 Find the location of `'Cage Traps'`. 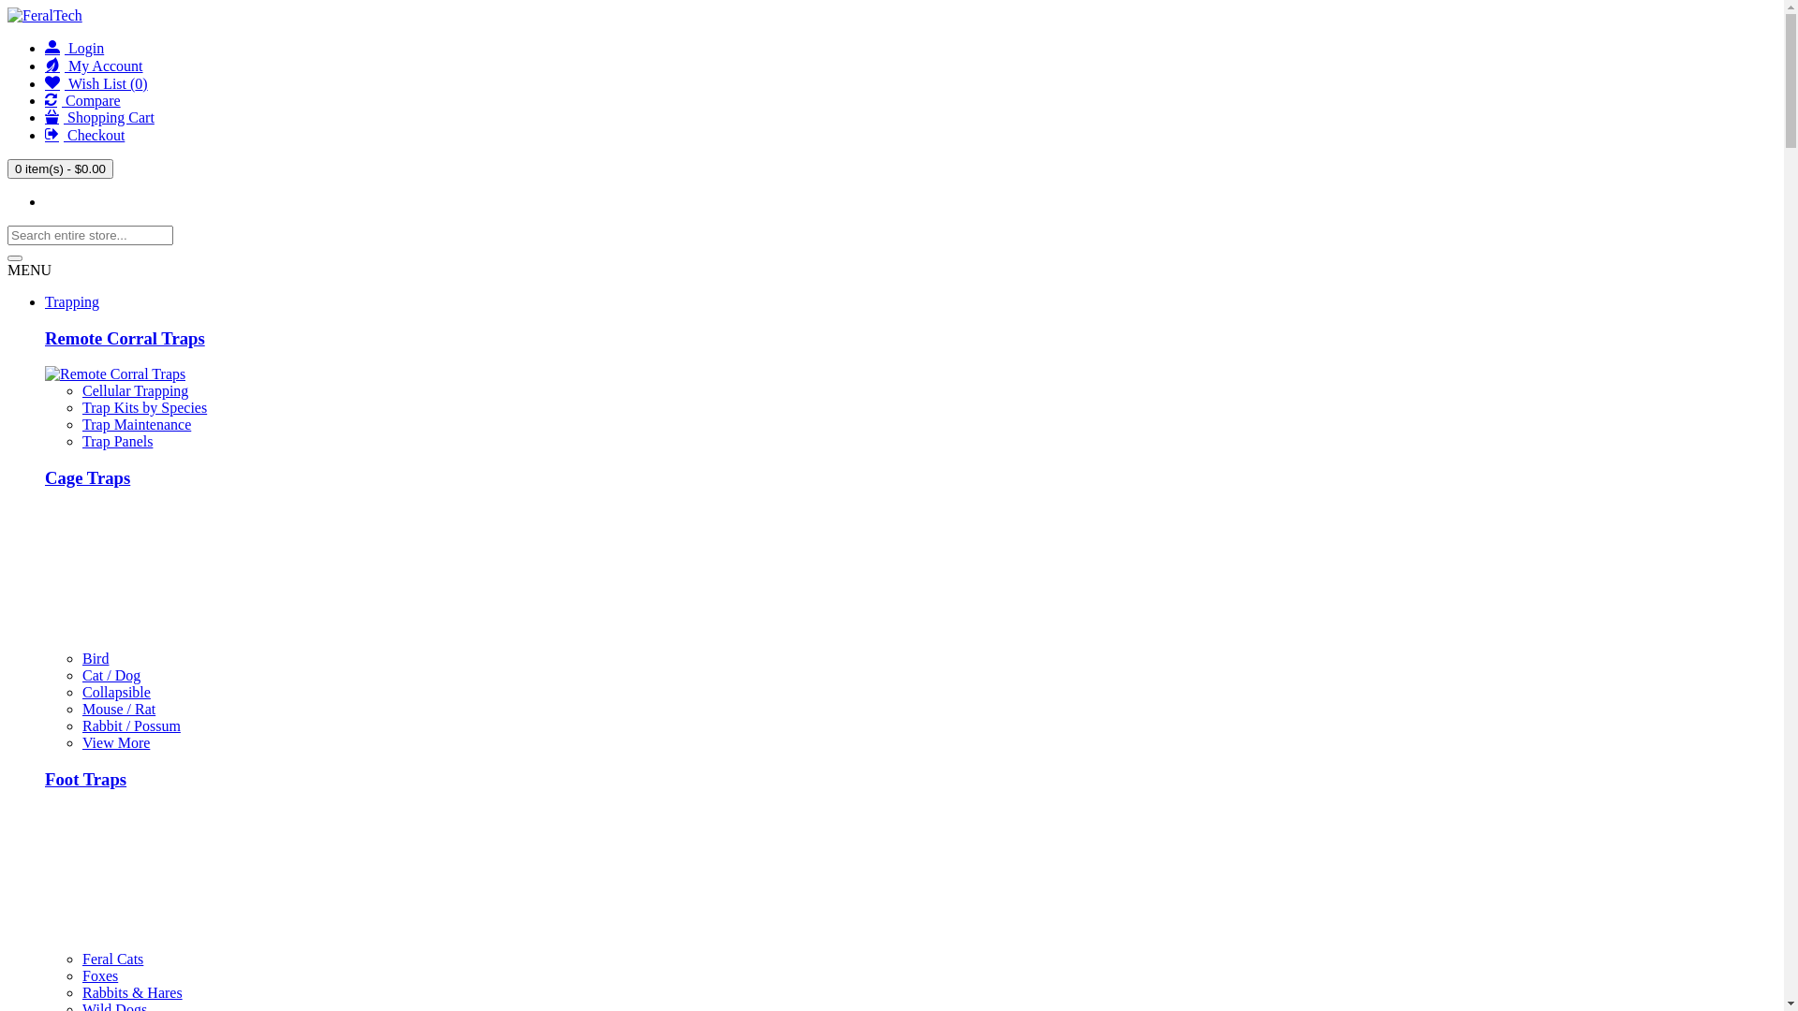

'Cage Traps' is located at coordinates (45, 476).